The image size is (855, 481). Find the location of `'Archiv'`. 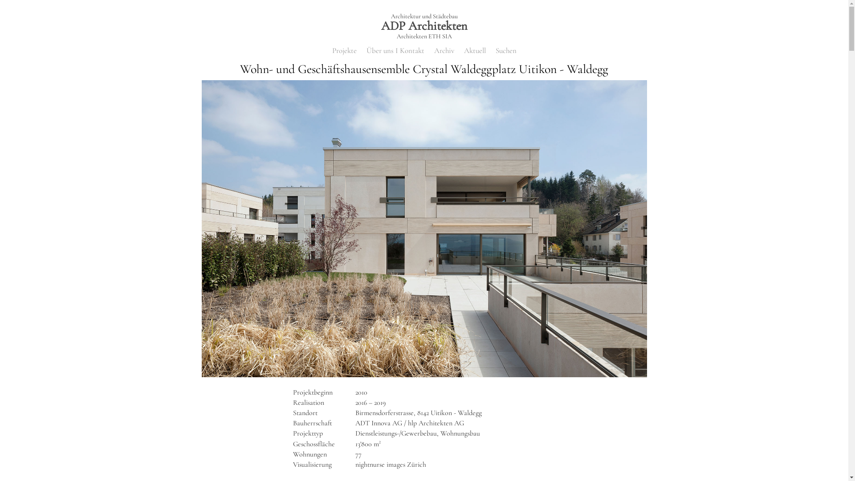

'Archiv' is located at coordinates (444, 51).